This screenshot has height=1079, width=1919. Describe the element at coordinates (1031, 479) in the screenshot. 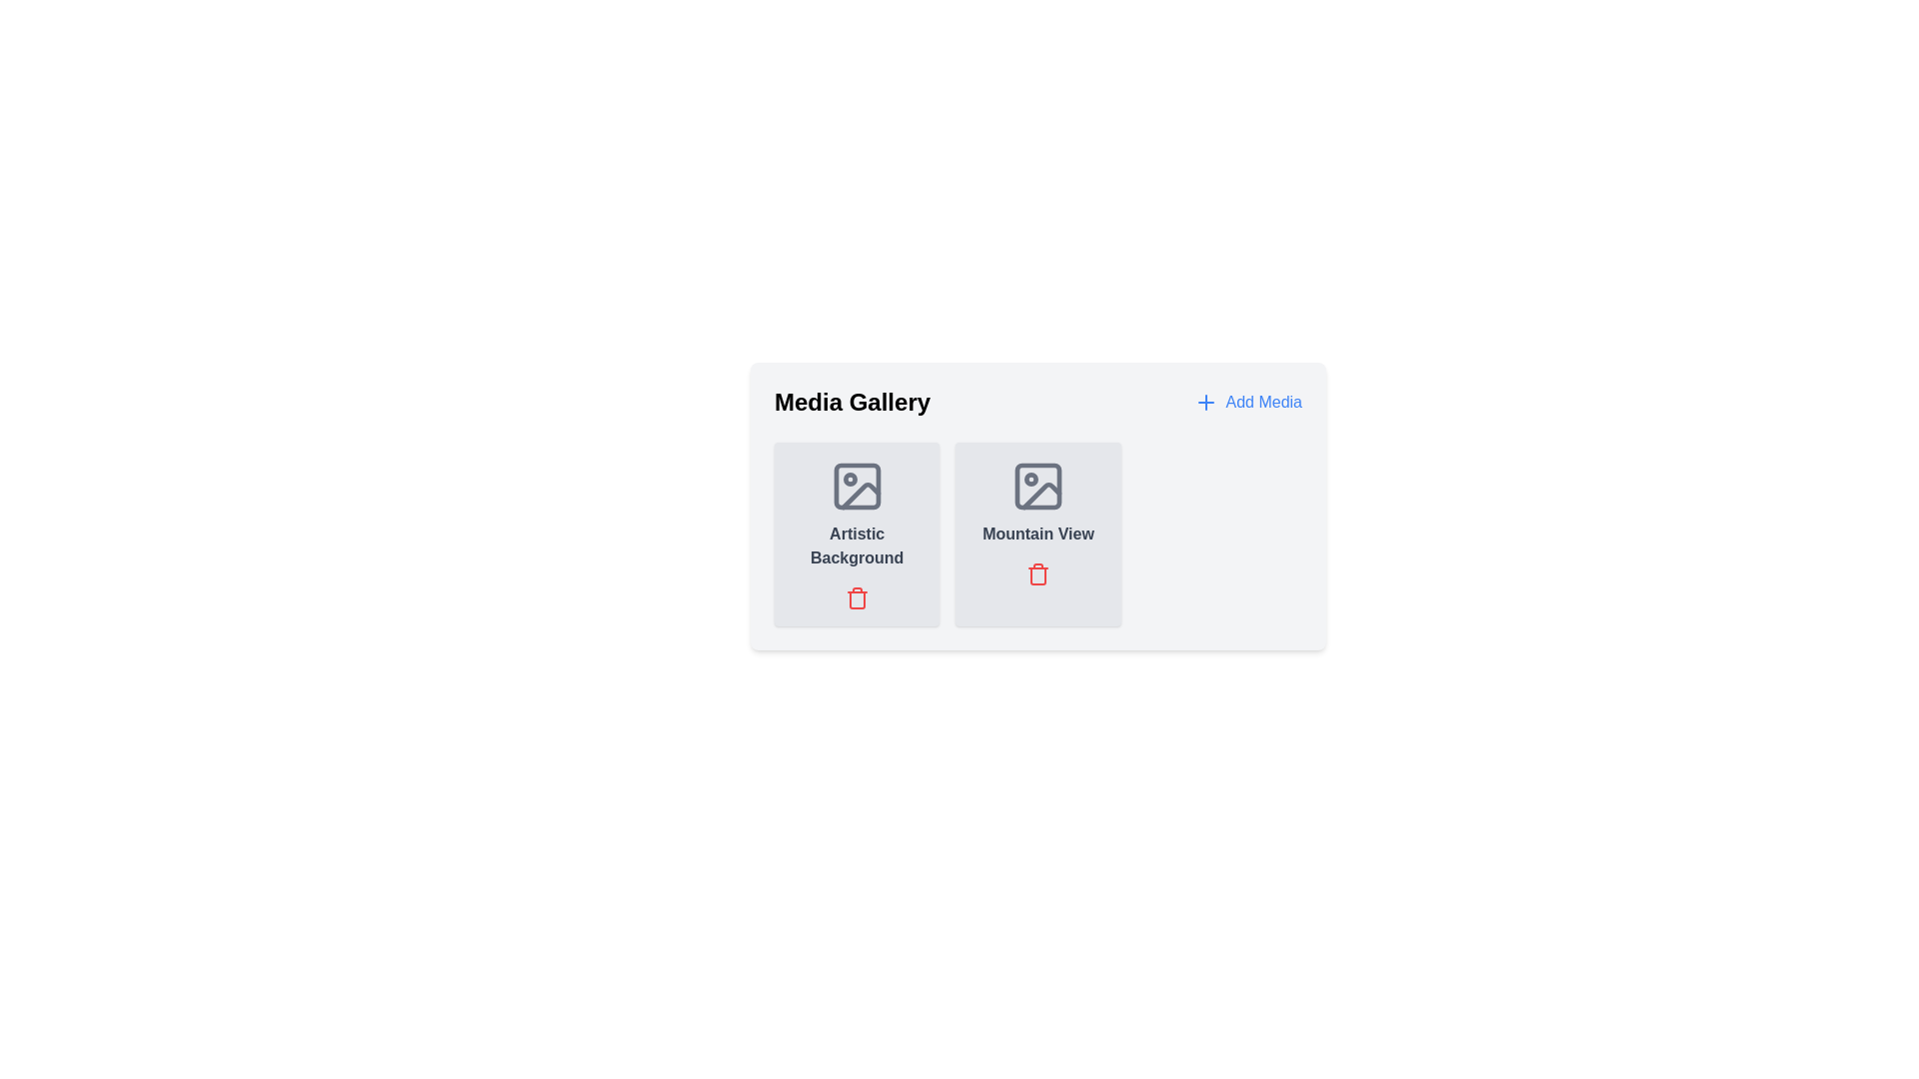

I see `the role of the circle element within the 'Mountain View' image icon in the 'Media Gallery' interface, which highlights specific parts of the icon` at that location.